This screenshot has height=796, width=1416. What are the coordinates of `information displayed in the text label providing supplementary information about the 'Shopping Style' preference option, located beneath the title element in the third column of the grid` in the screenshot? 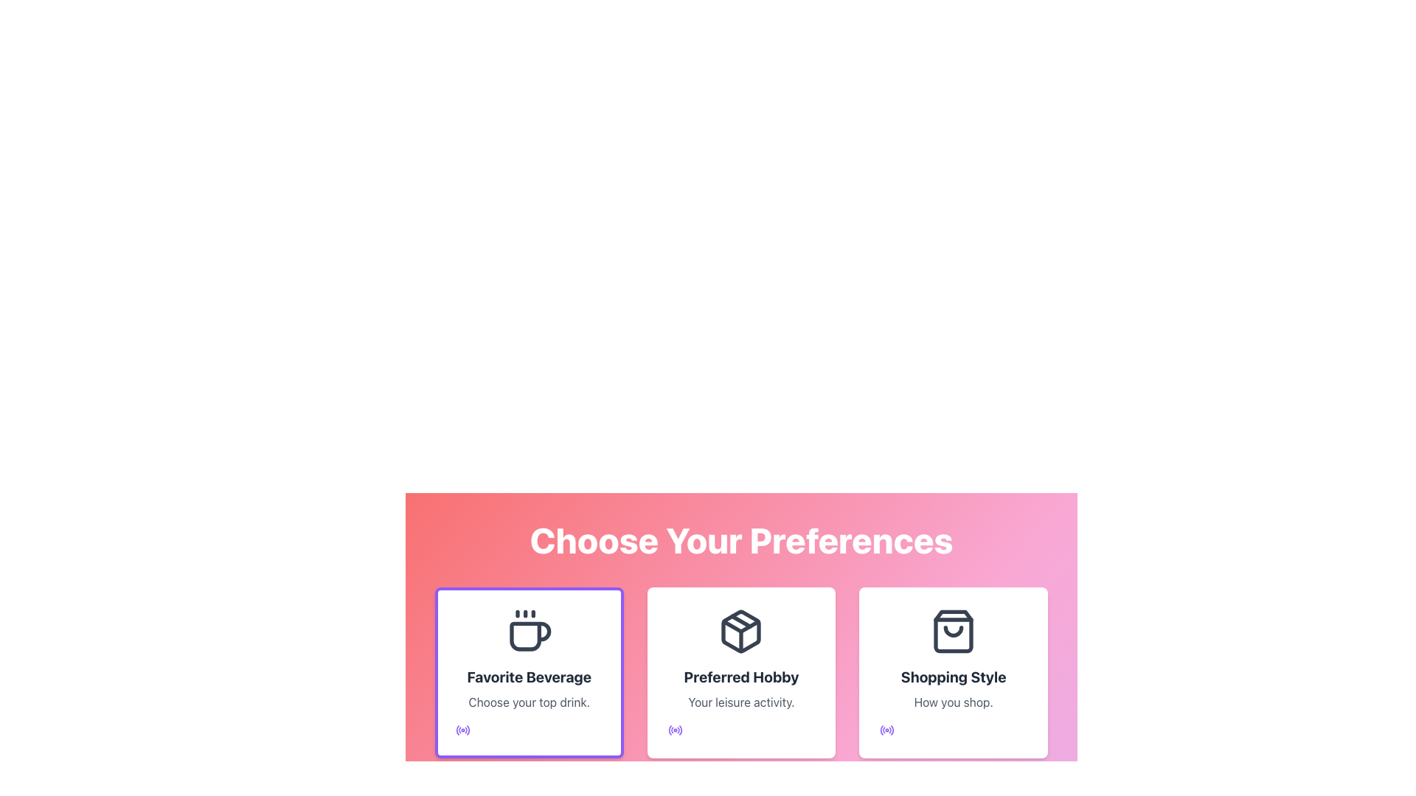 It's located at (954, 701).